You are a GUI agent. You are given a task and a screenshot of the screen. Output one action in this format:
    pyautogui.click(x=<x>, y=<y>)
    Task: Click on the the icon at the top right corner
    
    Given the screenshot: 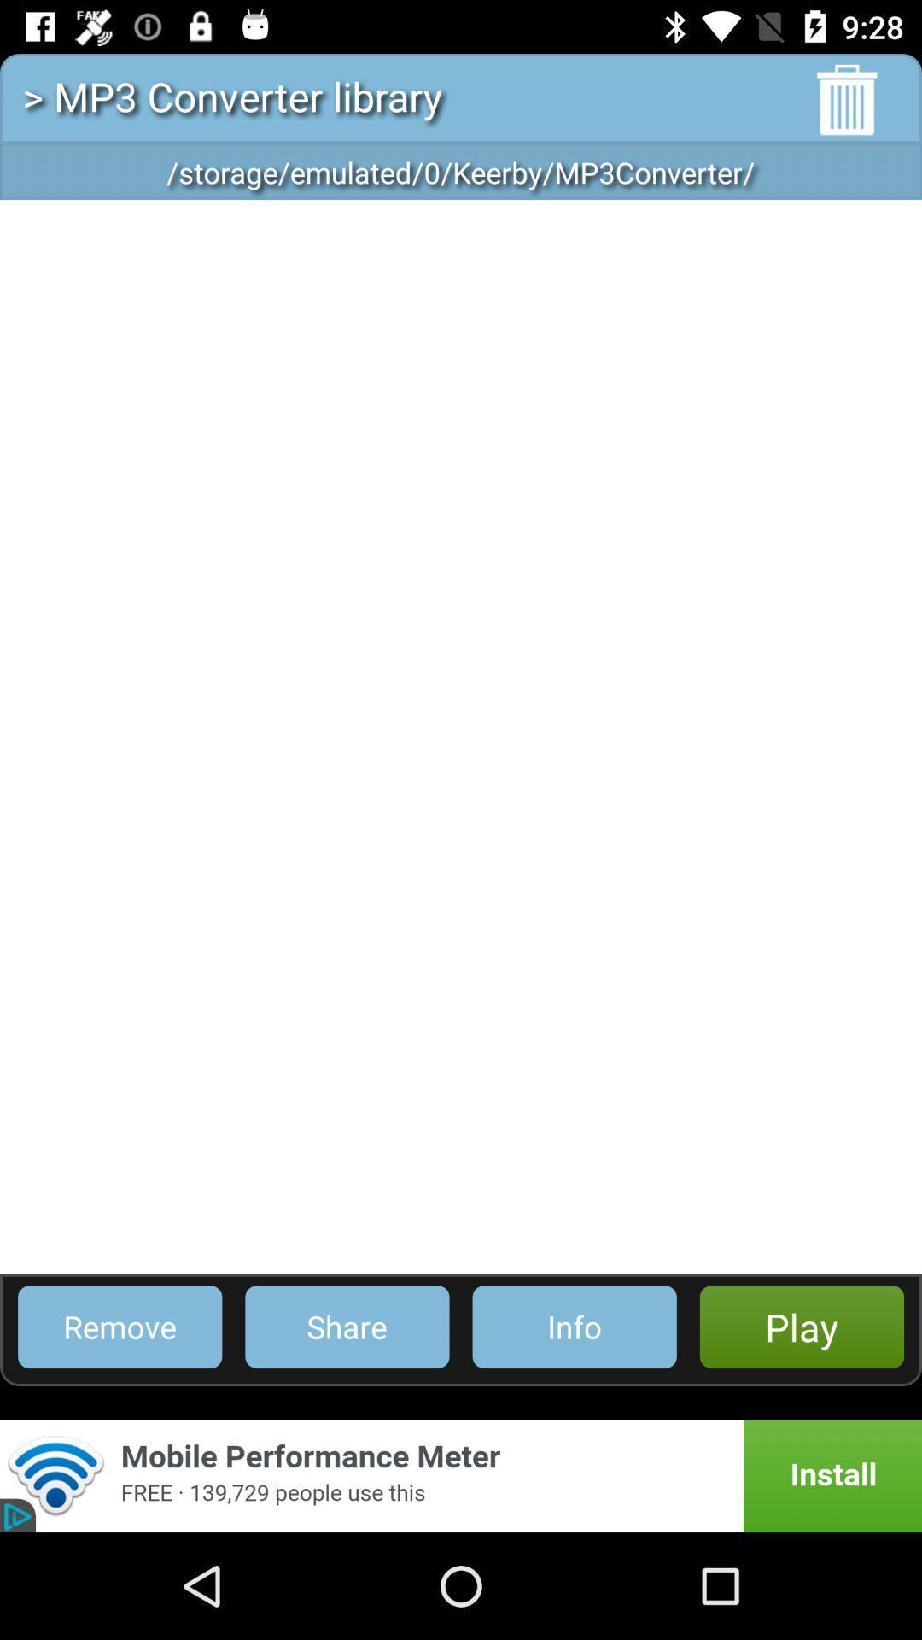 What is the action you would take?
    pyautogui.click(x=847, y=99)
    